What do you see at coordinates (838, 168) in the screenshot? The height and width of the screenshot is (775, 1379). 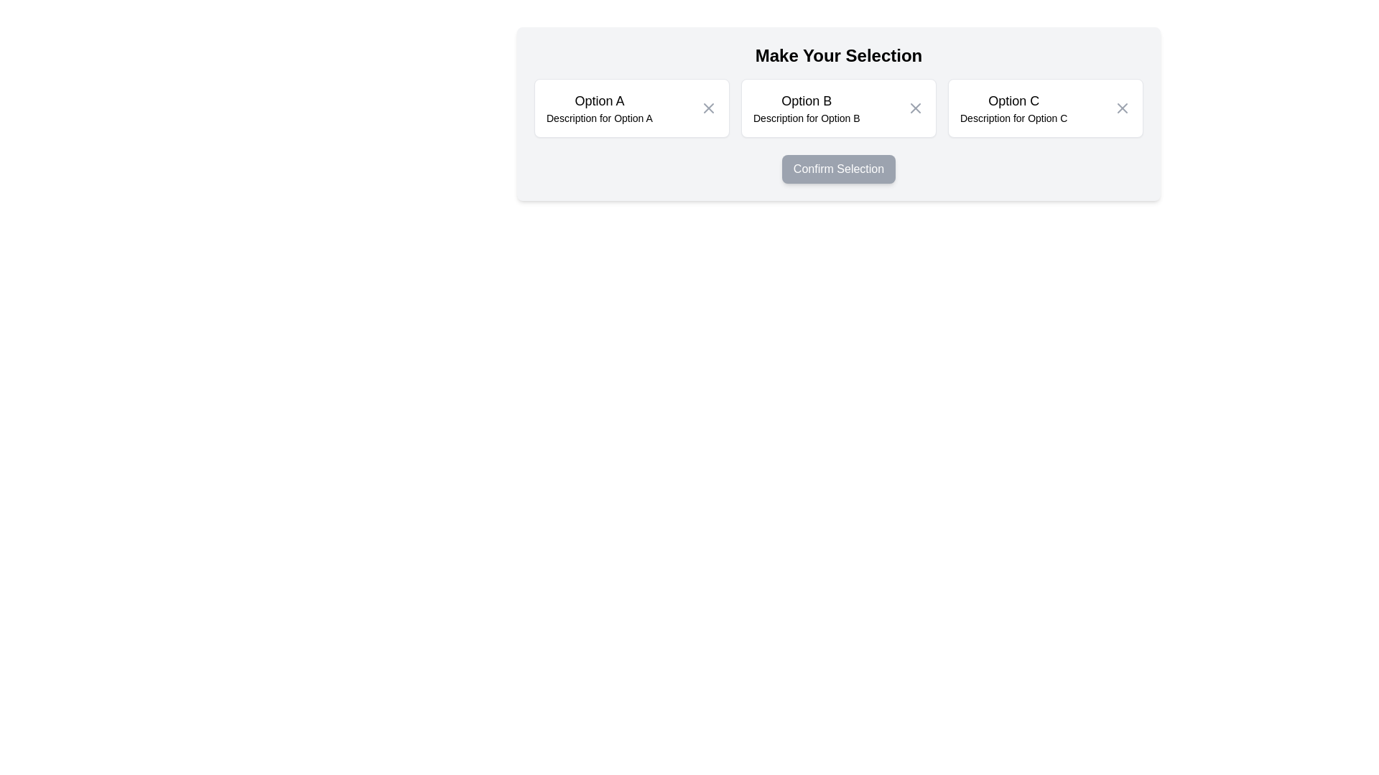 I see `the confirmation button located below the options A, B, and C, centered horizontally in the card and aligned at the bottom` at bounding box center [838, 168].